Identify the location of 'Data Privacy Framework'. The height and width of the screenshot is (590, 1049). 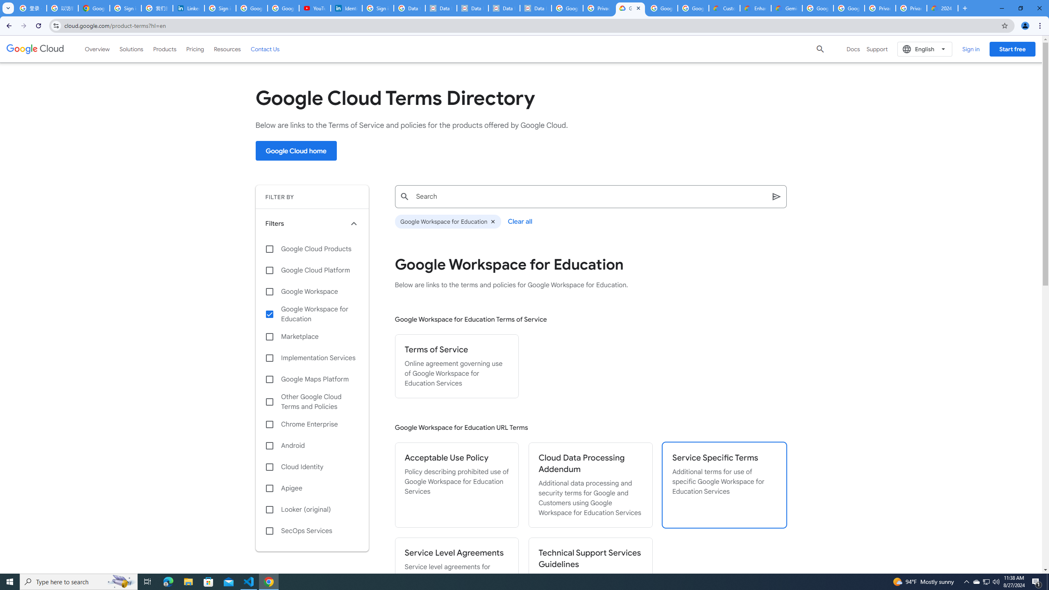
(441, 8).